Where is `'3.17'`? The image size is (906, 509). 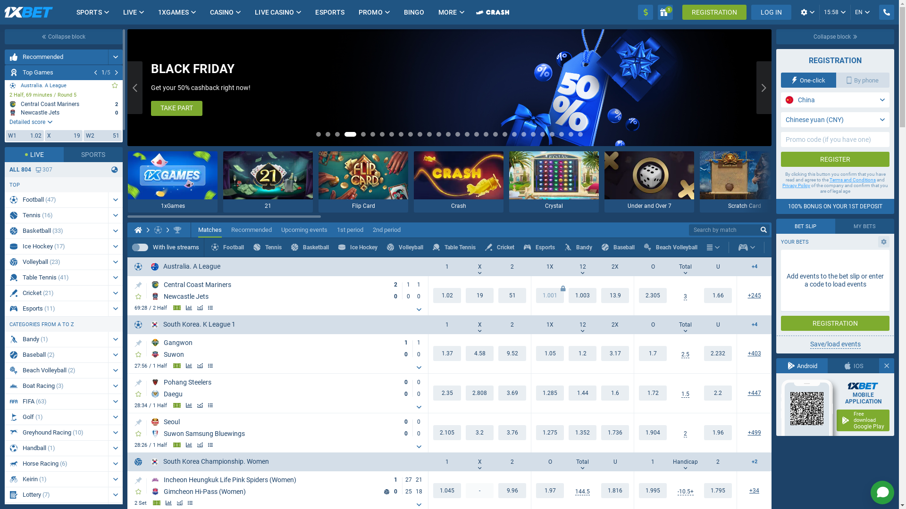 '3.17' is located at coordinates (615, 353).